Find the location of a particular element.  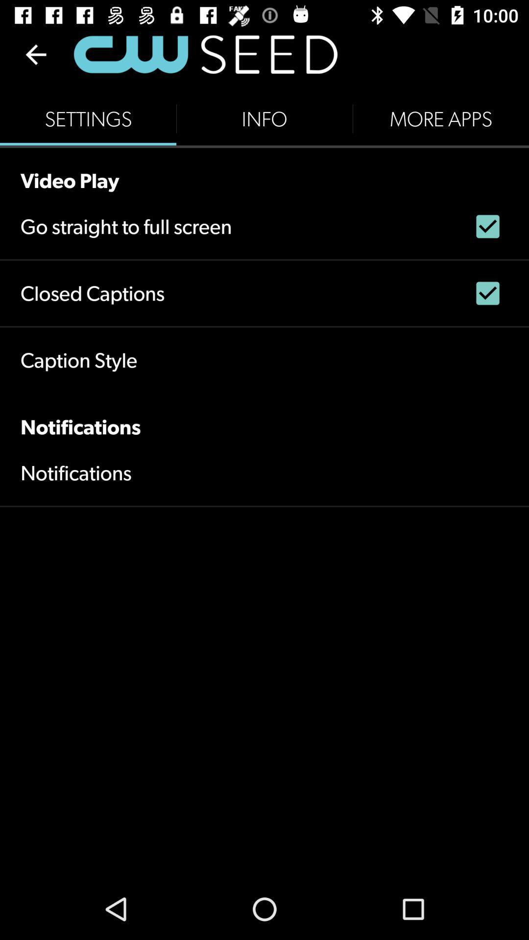

the info button is located at coordinates (264, 118).